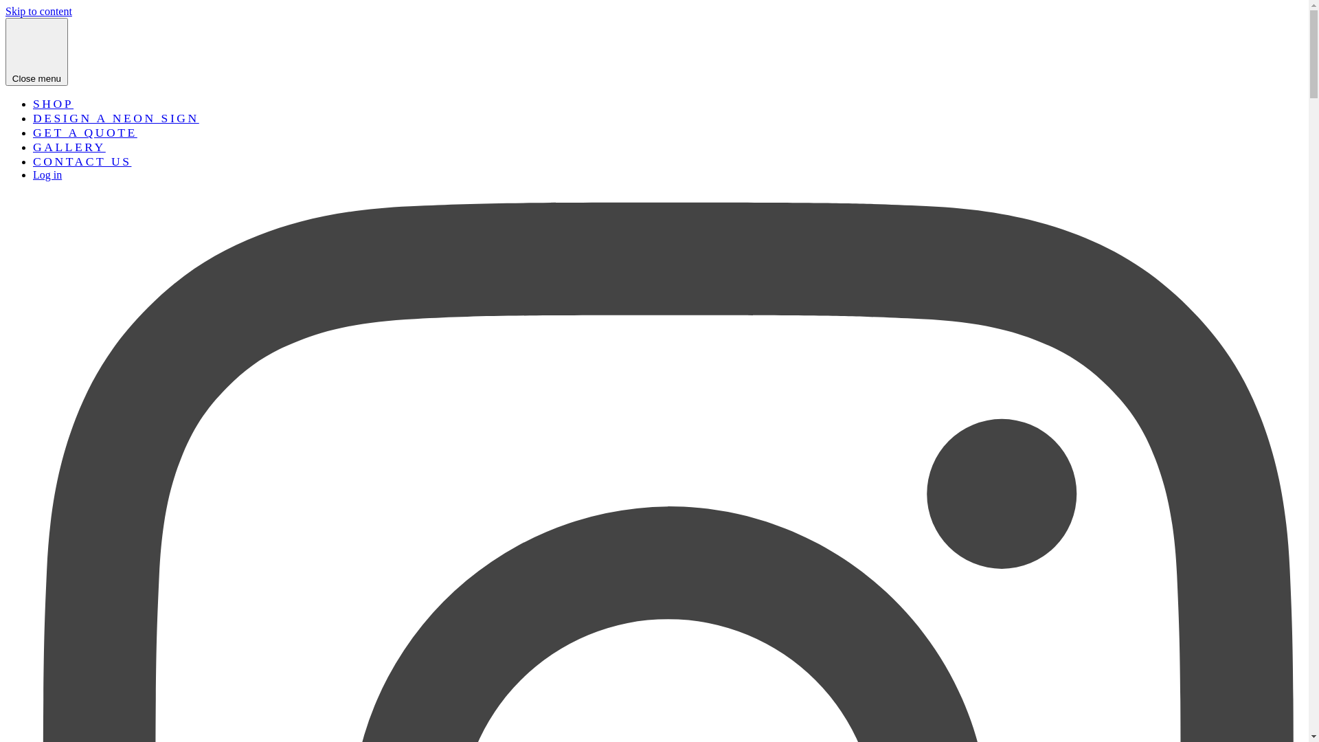 The width and height of the screenshot is (1319, 742). What do you see at coordinates (84, 132) in the screenshot?
I see `'GET A QUOTE'` at bounding box center [84, 132].